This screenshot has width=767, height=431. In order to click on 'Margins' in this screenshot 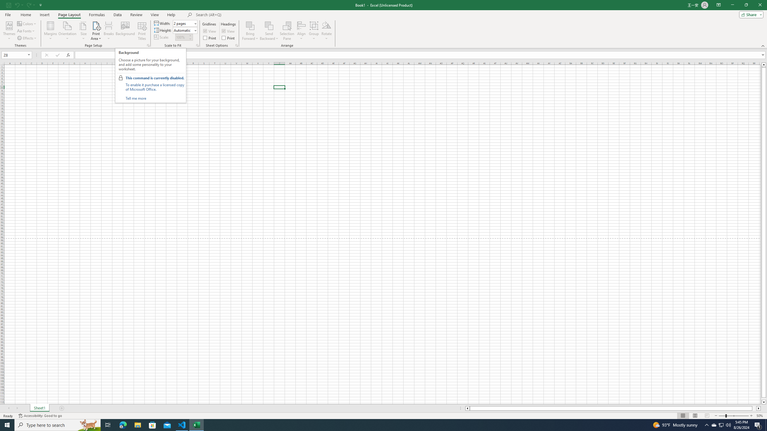, I will do `click(50, 31)`.